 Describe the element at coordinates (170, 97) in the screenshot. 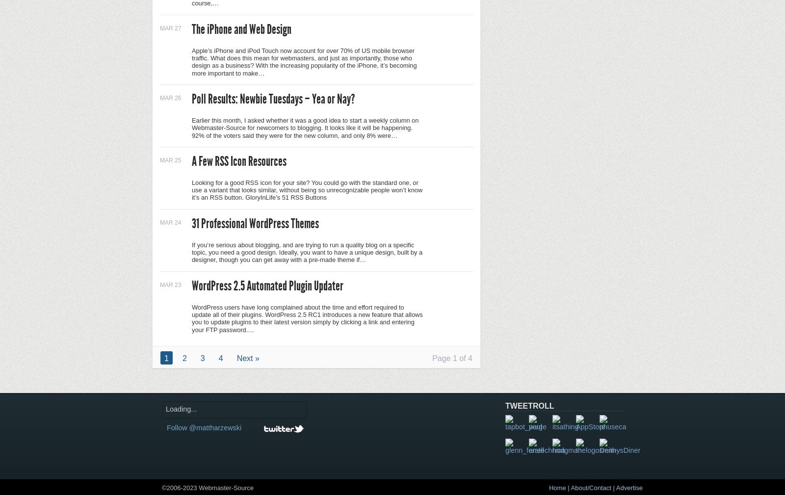

I see `'Mar 26'` at that location.